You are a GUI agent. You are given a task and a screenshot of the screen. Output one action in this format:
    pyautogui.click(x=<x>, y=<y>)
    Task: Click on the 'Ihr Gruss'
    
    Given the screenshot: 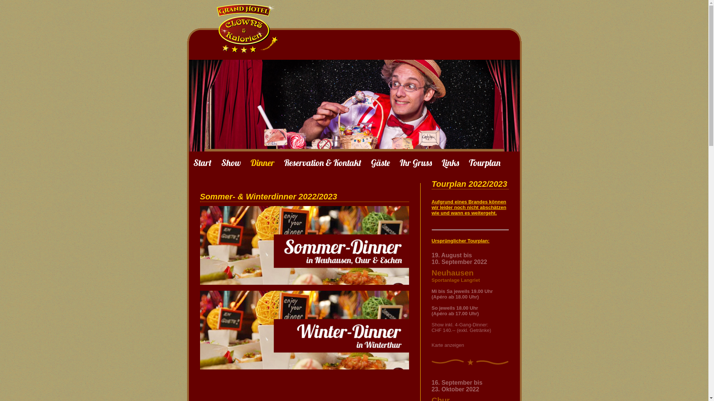 What is the action you would take?
    pyautogui.click(x=415, y=162)
    